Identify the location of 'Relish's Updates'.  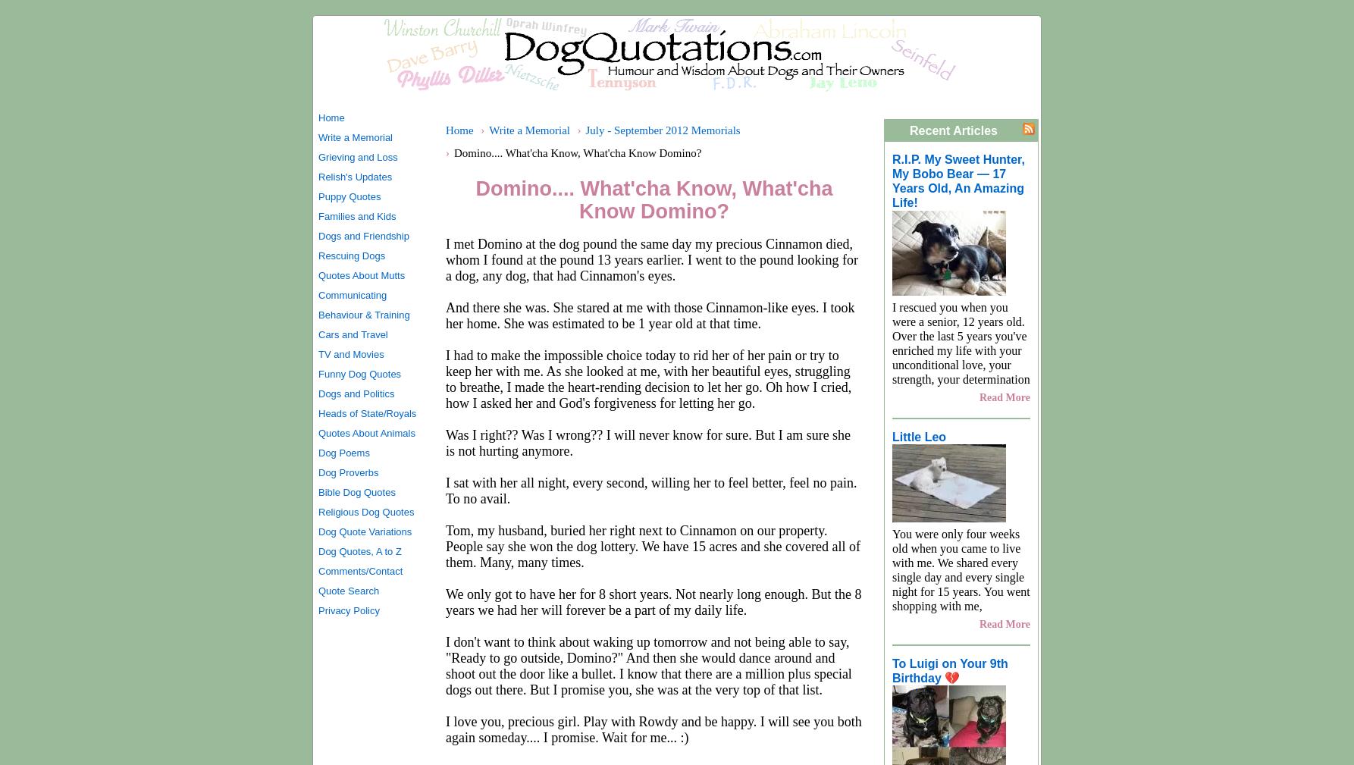
(354, 176).